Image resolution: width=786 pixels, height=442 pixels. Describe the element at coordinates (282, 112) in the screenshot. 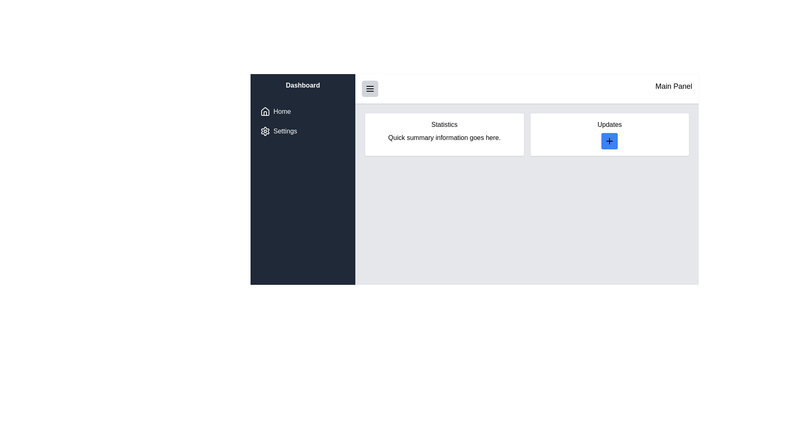

I see `the 'Home' text label displayed in white font on a dark background located in the first row of the left sidebar menu, to the right of the home icon` at that location.